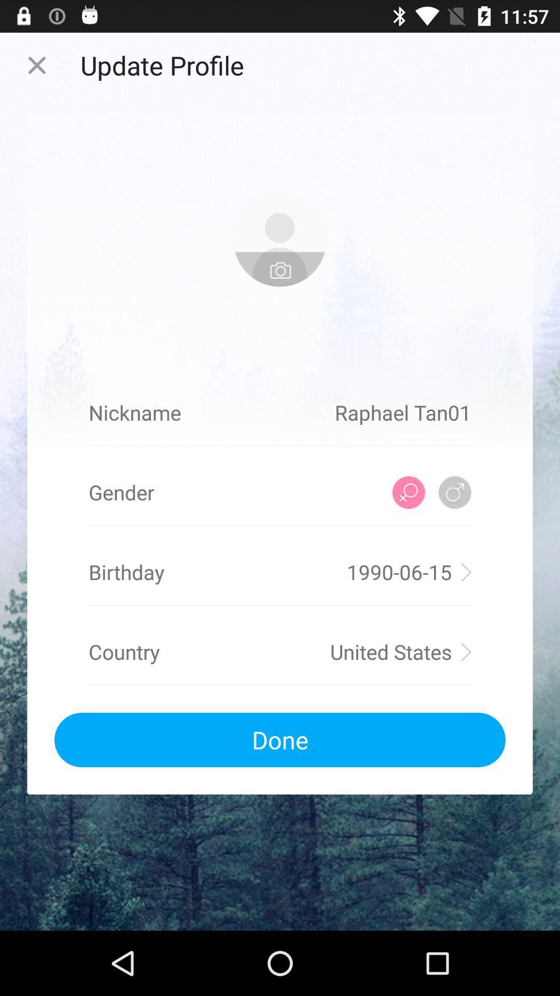 The width and height of the screenshot is (560, 996). What do you see at coordinates (36, 64) in the screenshot?
I see `page` at bounding box center [36, 64].